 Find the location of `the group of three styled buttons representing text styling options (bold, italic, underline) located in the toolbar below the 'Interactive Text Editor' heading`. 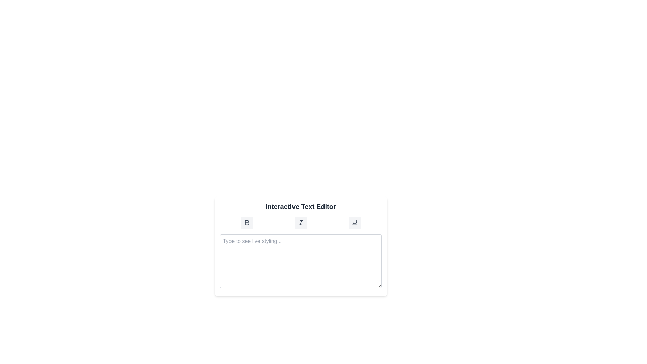

the group of three styled buttons representing text styling options (bold, italic, underline) located in the toolbar below the 'Interactive Text Editor' heading is located at coordinates (300, 222).